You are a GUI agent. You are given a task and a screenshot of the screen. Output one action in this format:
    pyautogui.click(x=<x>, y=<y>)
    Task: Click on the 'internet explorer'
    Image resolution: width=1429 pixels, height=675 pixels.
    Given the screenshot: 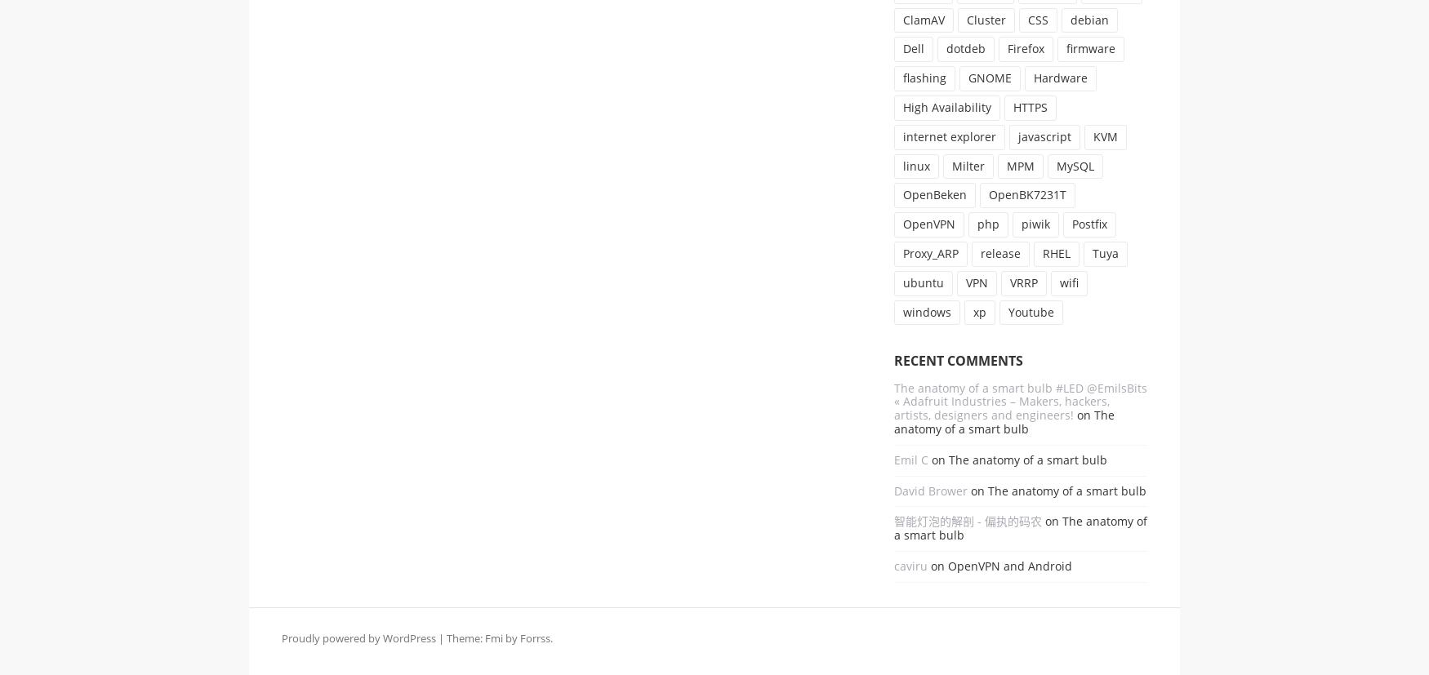 What is the action you would take?
    pyautogui.click(x=949, y=135)
    